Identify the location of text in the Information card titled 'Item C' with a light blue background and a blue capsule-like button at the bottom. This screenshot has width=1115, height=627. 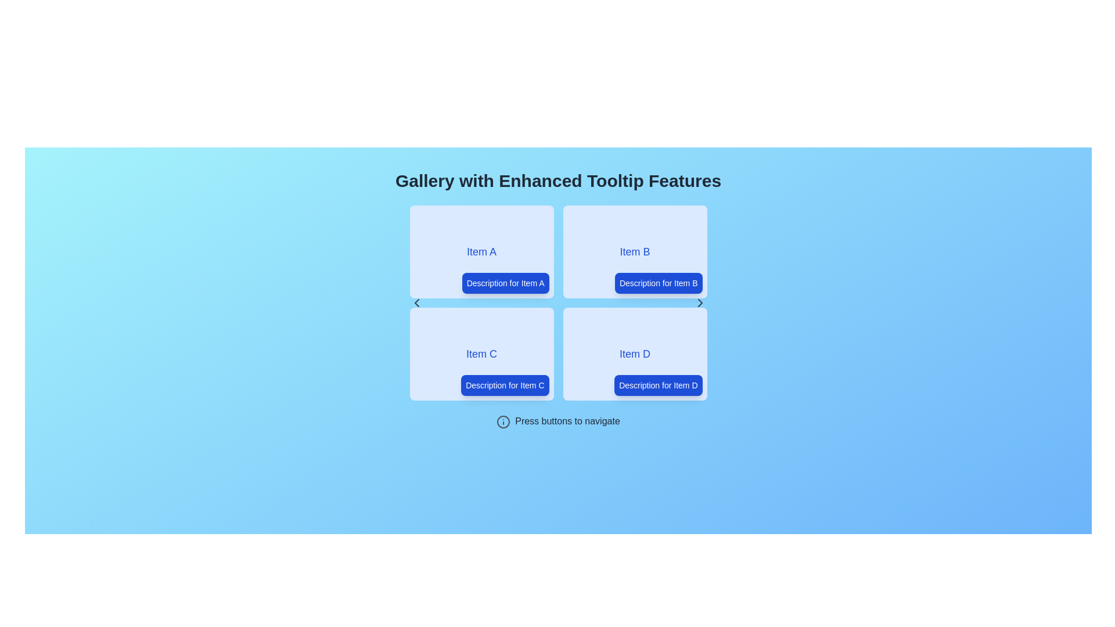
(481, 353).